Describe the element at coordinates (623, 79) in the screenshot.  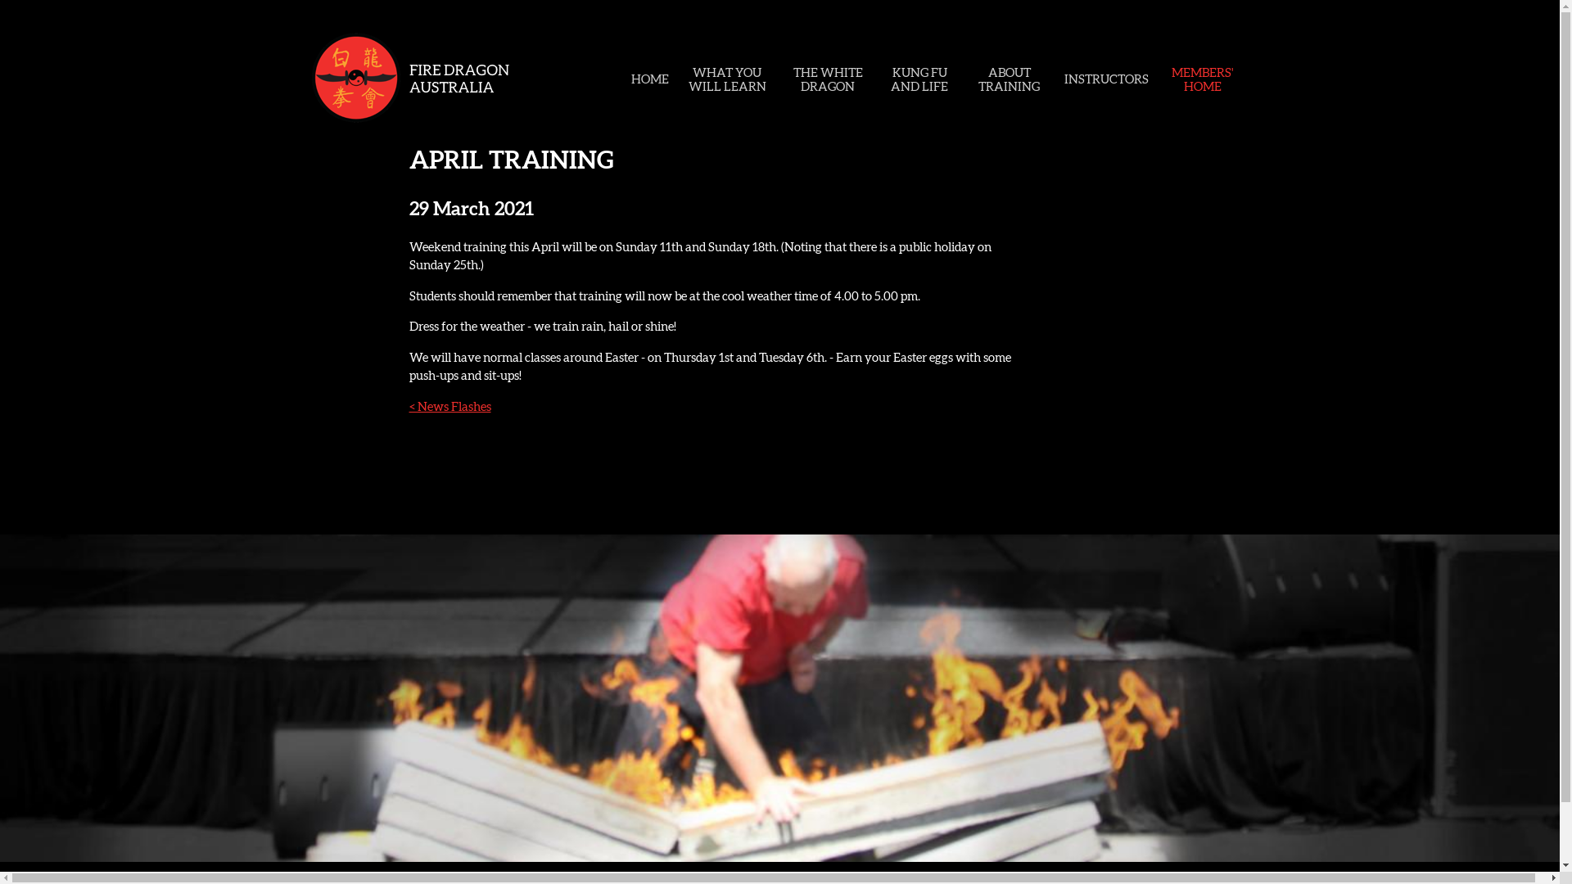
I see `'HOME'` at that location.